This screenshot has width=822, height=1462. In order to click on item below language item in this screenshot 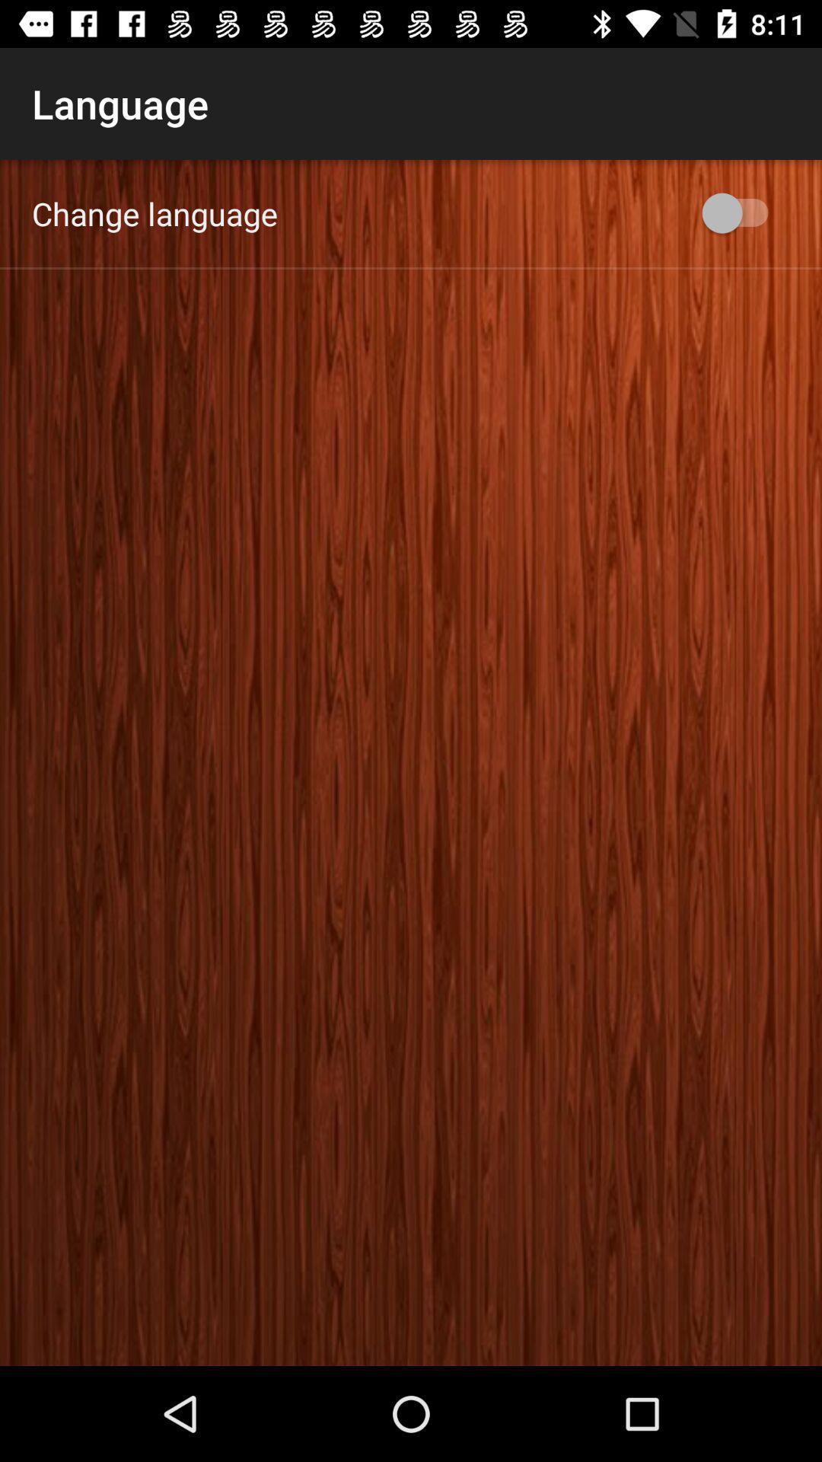, I will do `click(155, 212)`.